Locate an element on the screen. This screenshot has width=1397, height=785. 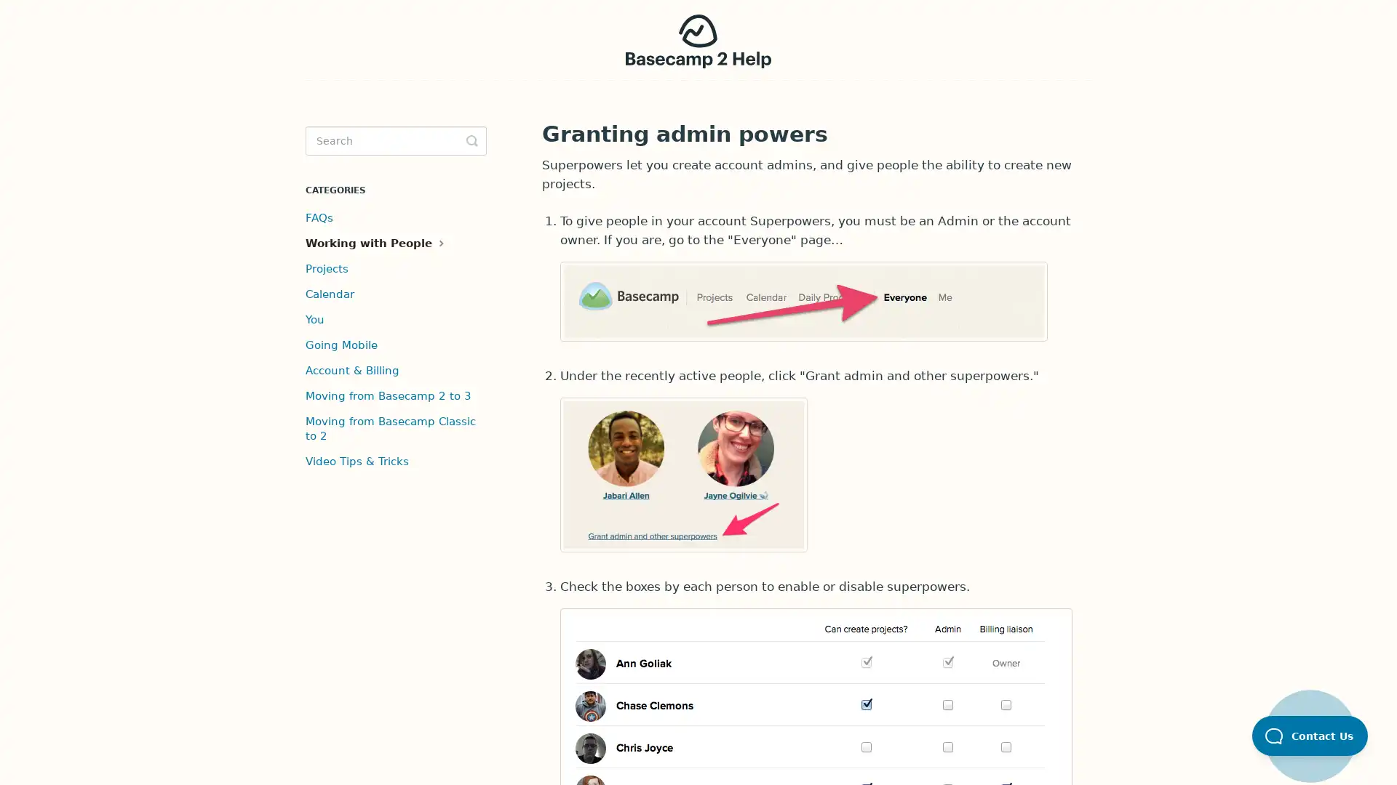
Toggle Search is located at coordinates (471, 140).